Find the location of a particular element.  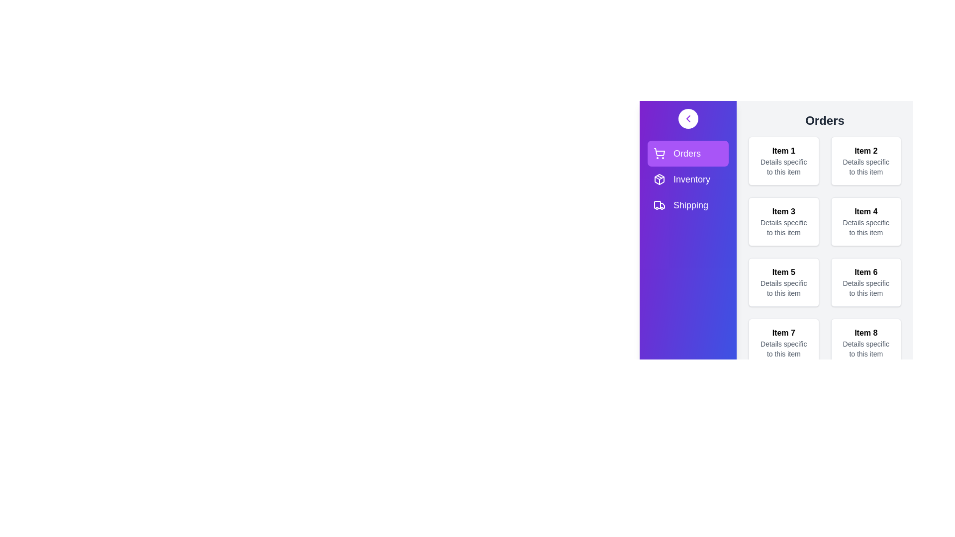

the Shipping section from the navigation menu is located at coordinates (673, 204).